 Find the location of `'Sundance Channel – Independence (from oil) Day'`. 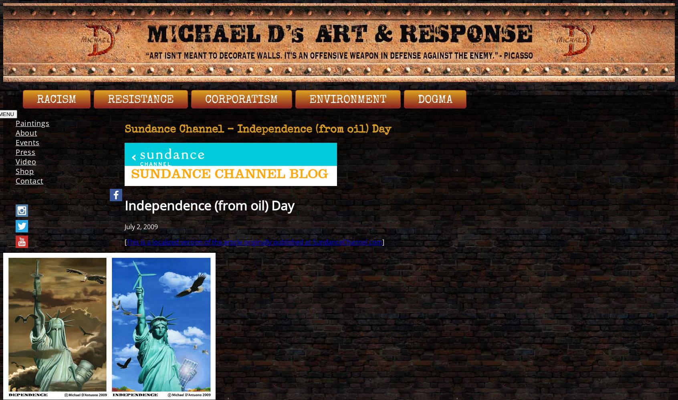

'Sundance Channel – Independence (from oil) Day' is located at coordinates (258, 130).